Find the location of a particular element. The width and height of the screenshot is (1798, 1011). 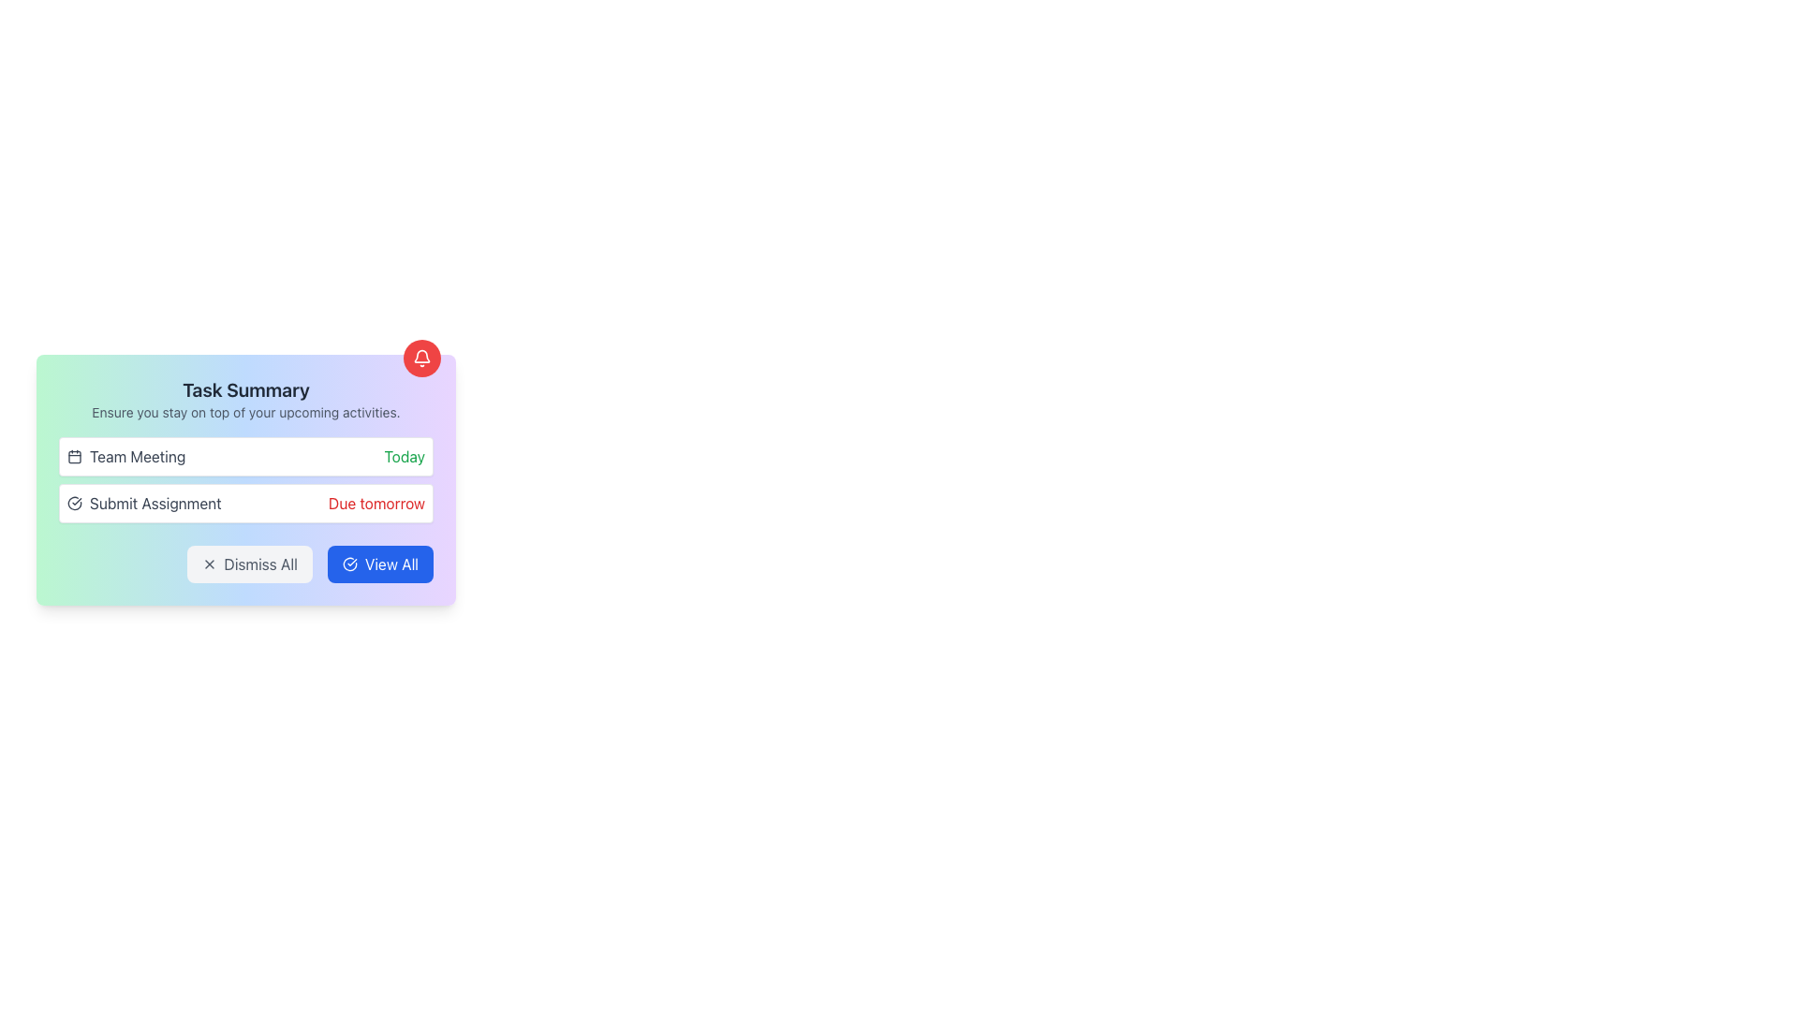

the status icon indicating completion related to the 'Submit Assignment' task, located on the left side of the 'Submit Assignment' row is located at coordinates (75, 502).